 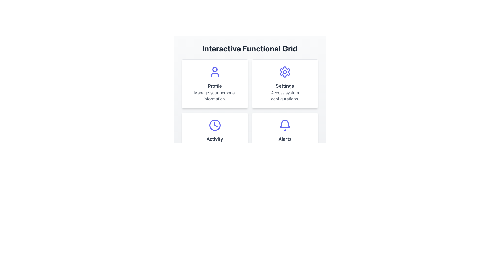 I want to click on the Card in the bottom-left corner of the grid layout, so click(x=215, y=134).